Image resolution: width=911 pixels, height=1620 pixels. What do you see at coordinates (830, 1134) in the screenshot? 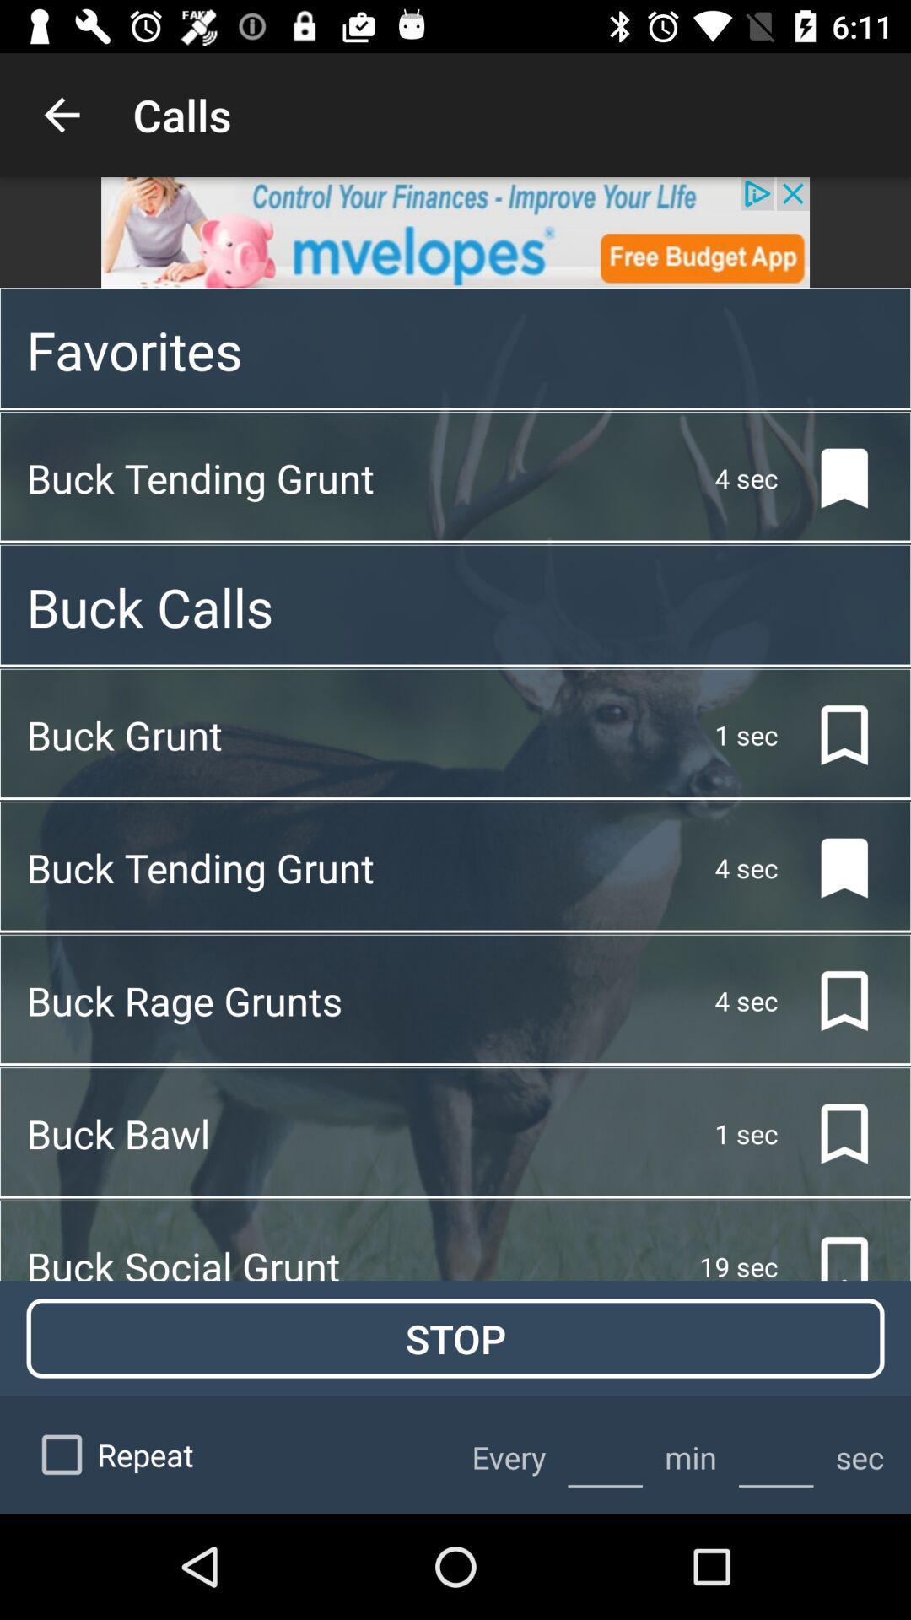
I see `the bookmark icon` at bounding box center [830, 1134].